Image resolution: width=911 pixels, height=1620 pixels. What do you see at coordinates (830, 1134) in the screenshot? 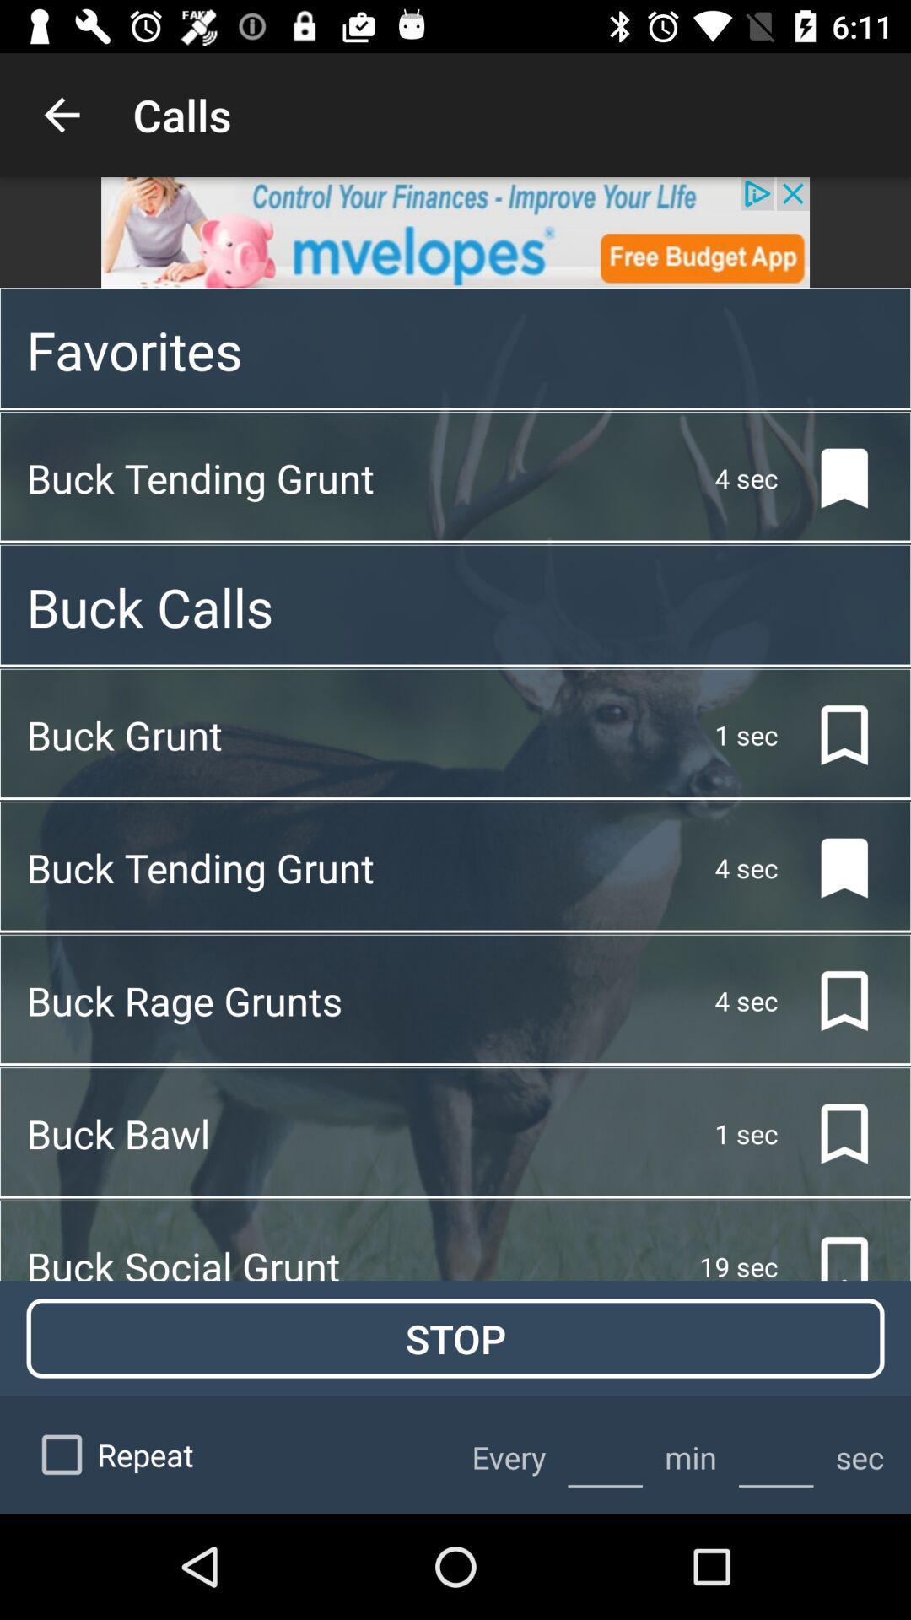
I see `the bookmark icon` at bounding box center [830, 1134].